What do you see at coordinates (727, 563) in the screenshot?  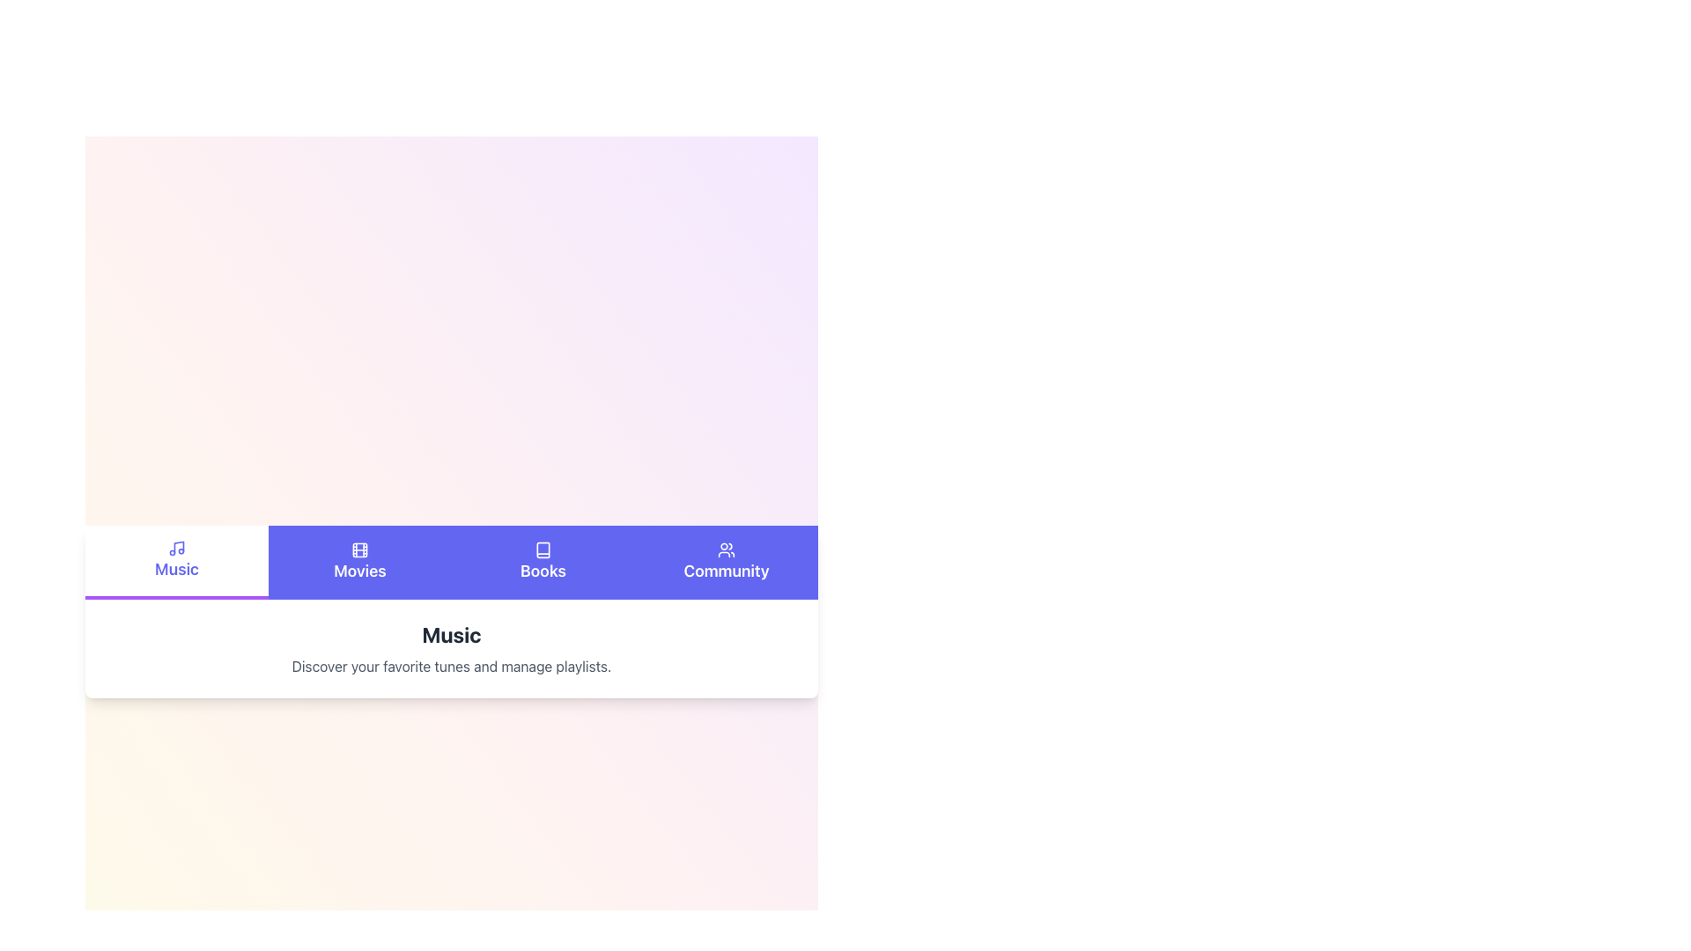 I see `the Navigation Menu Item that leads users to the 'Community' section, which is the fourth item in the horizontal menu bar, located to the right of the 'Books' element` at bounding box center [727, 563].